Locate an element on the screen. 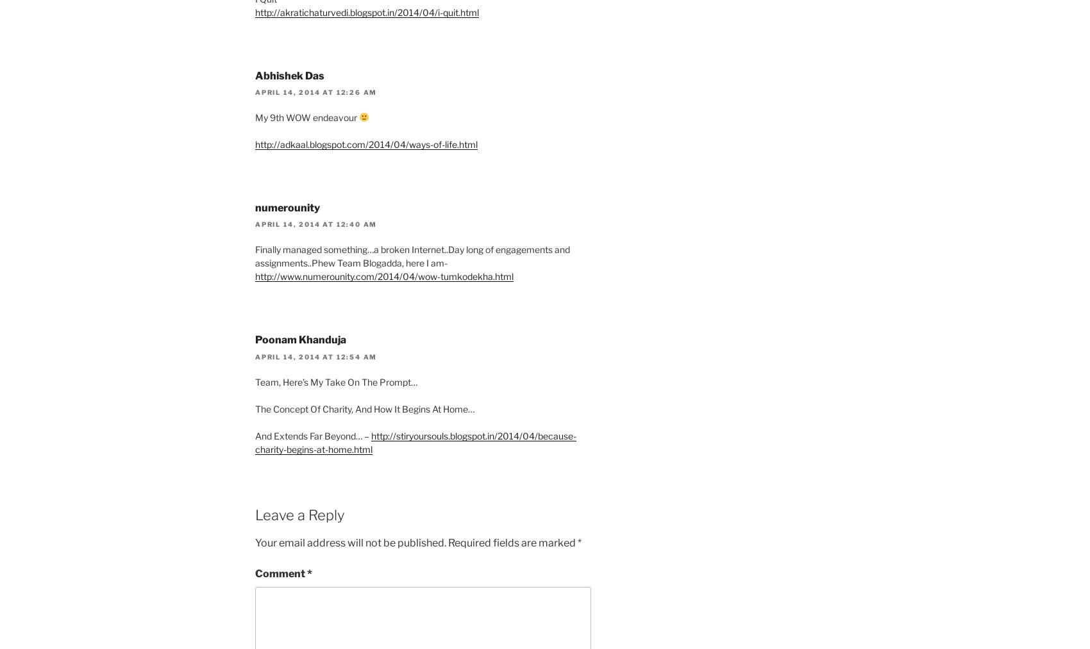 The width and height of the screenshot is (1090, 649). 'And Extends Far Beyond… –' is located at coordinates (313, 434).